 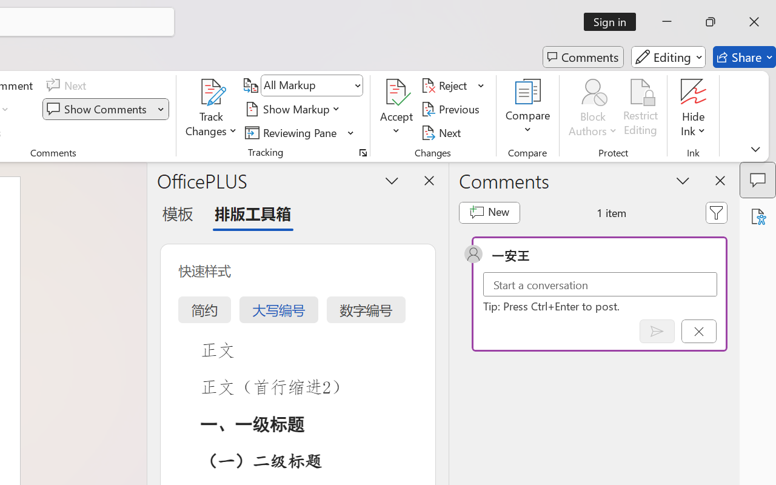 I want to click on 'Hide Ink', so click(x=694, y=92).